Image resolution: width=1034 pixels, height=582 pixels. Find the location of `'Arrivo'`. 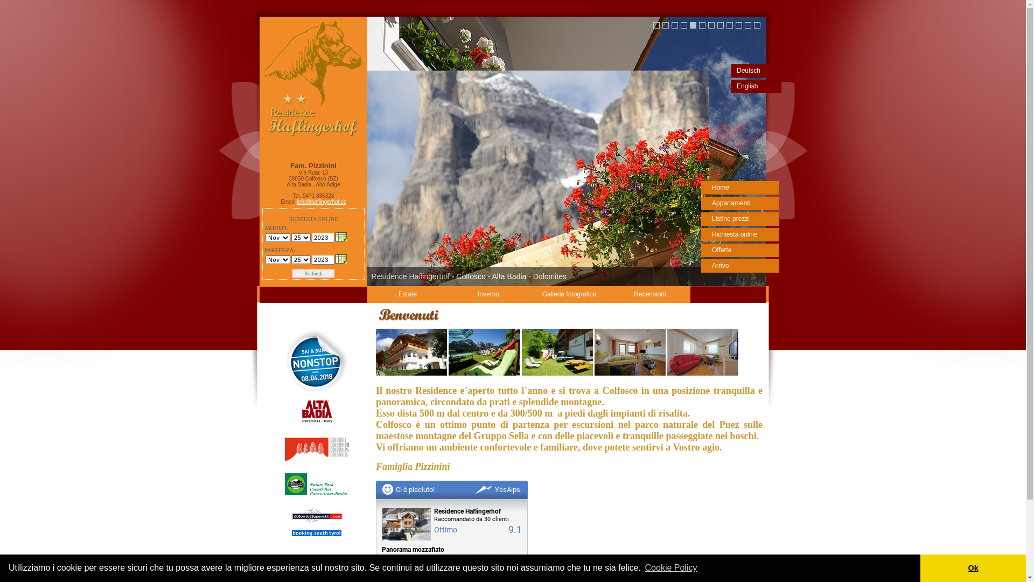

'Arrivo' is located at coordinates (739, 266).